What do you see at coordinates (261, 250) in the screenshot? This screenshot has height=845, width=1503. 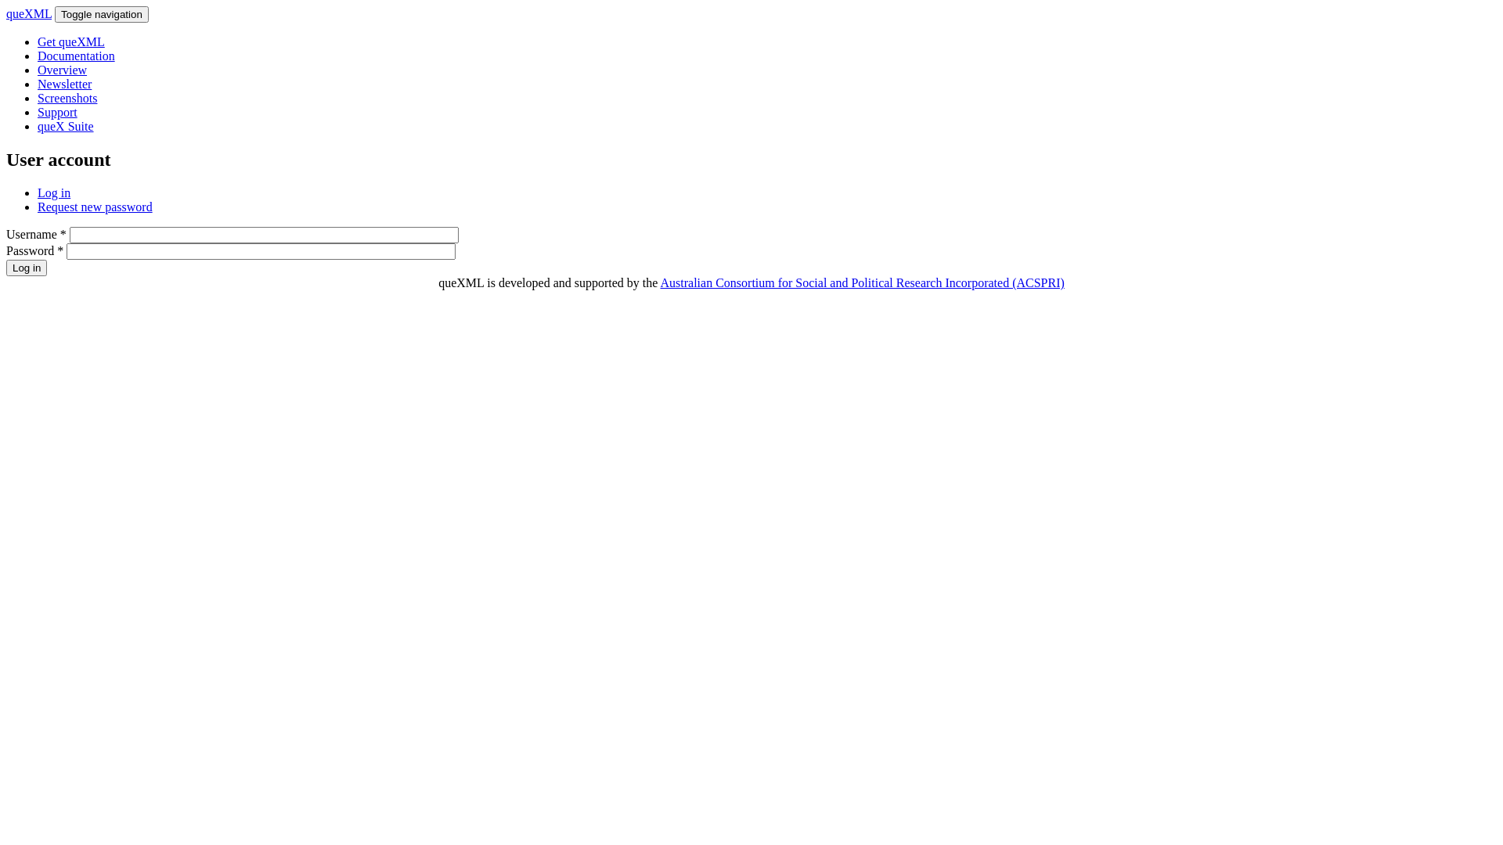 I see `'Enter the password that accompanies your username.'` at bounding box center [261, 250].